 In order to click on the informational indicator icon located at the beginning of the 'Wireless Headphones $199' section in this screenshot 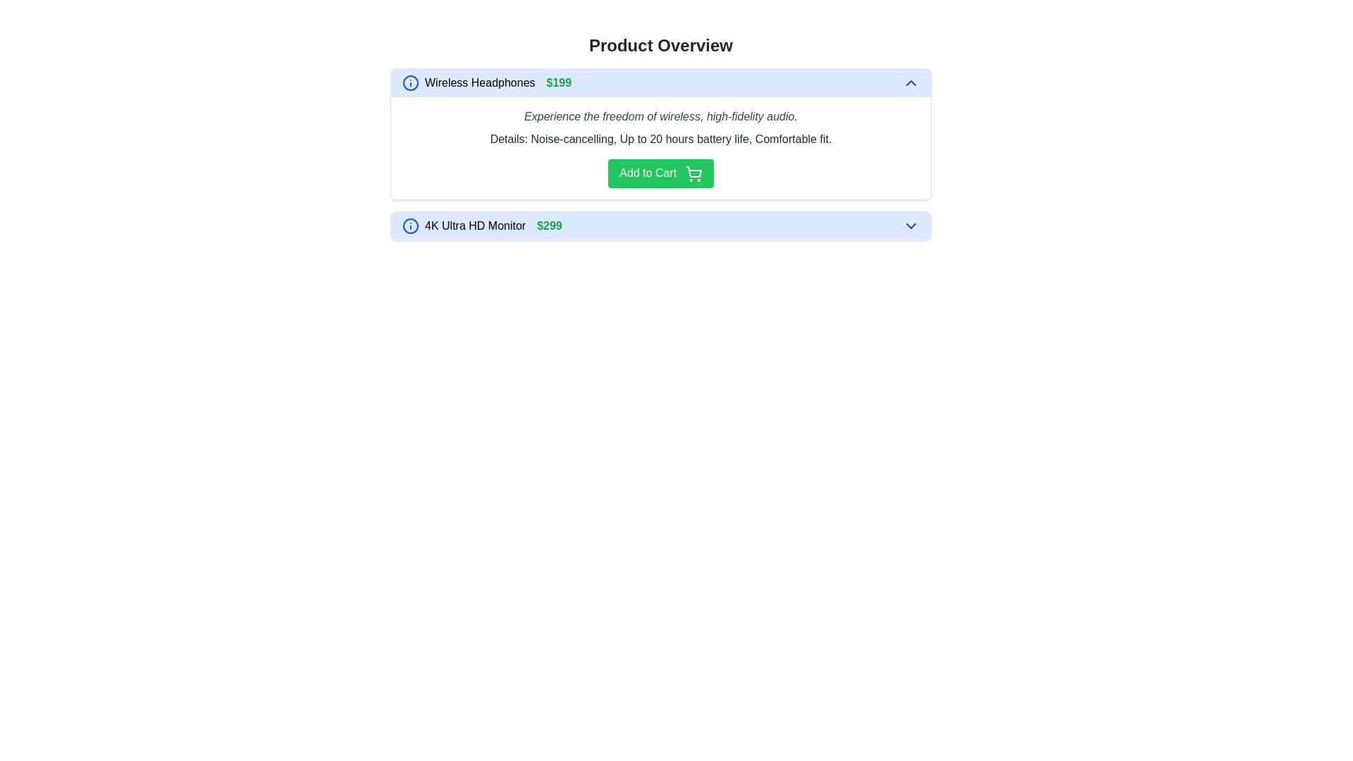, I will do `click(409, 83)`.